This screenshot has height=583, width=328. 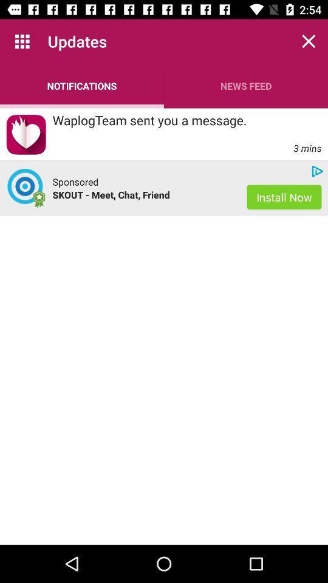 What do you see at coordinates (22, 41) in the screenshot?
I see `app above the notifications app` at bounding box center [22, 41].